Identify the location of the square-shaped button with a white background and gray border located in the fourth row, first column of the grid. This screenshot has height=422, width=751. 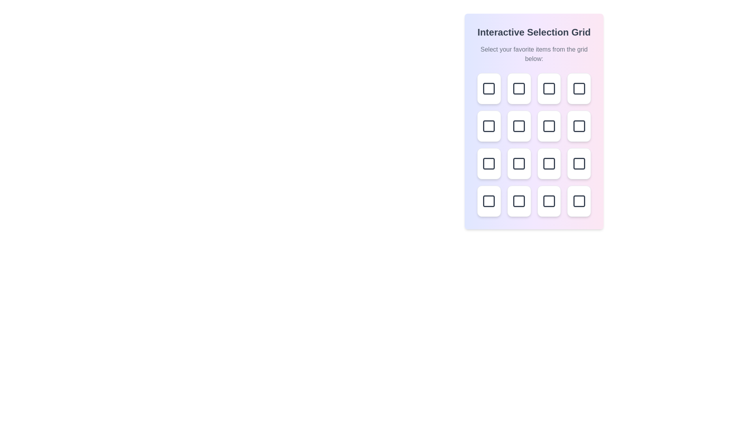
(489, 163).